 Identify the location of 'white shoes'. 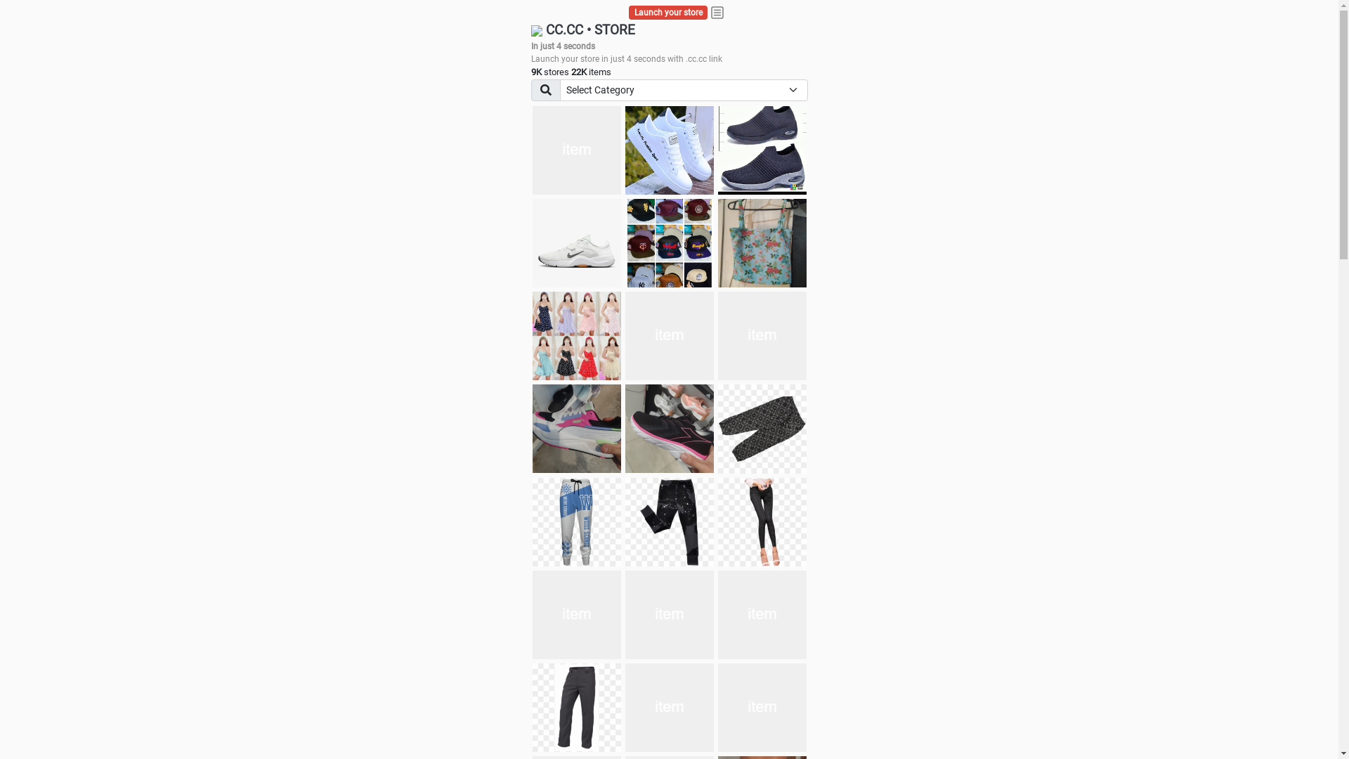
(669, 150).